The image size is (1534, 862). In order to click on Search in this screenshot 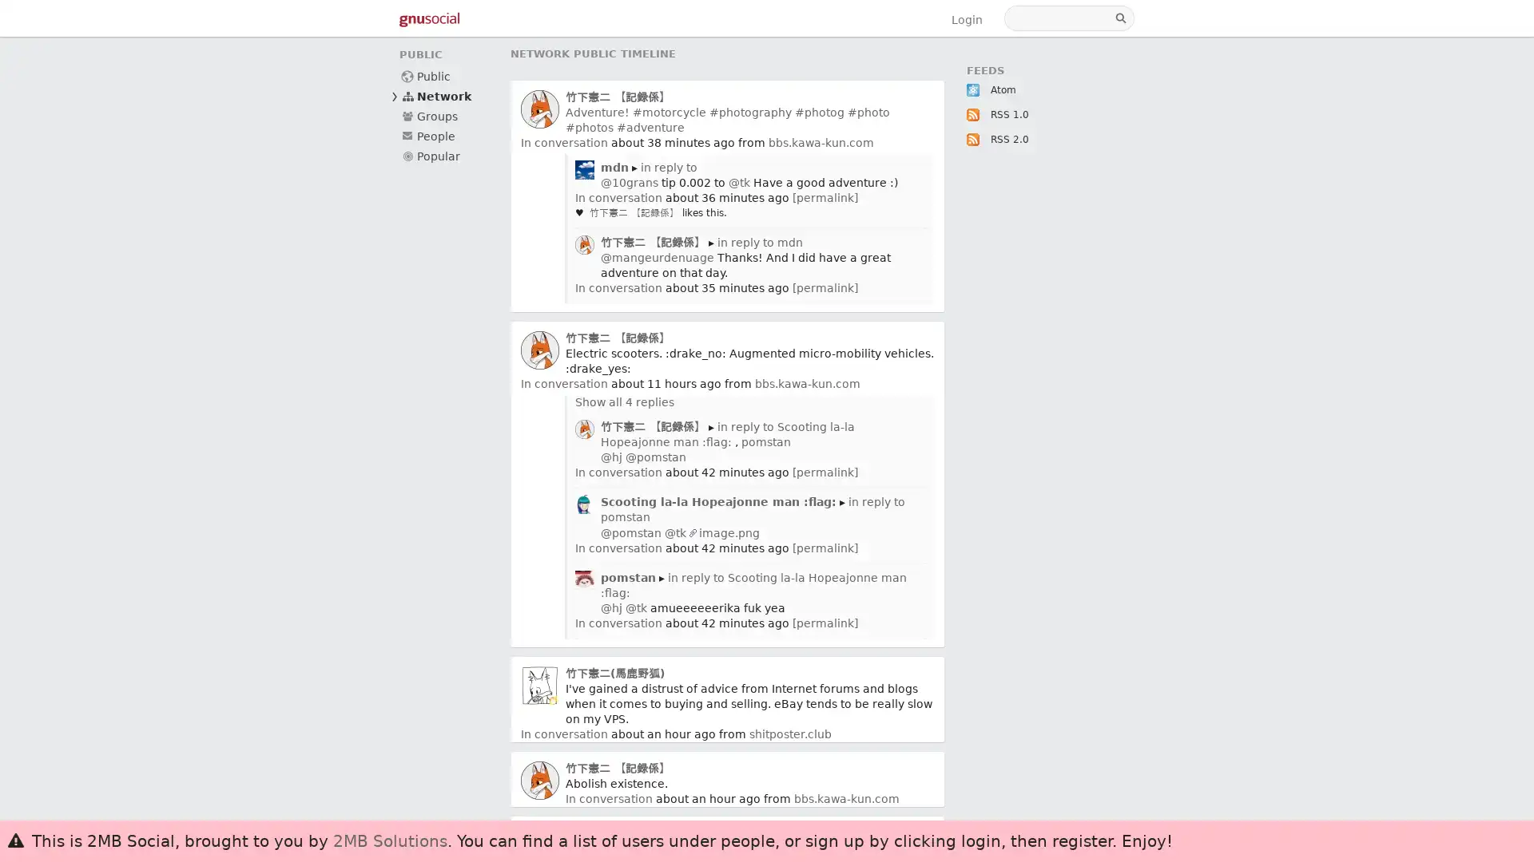, I will do `click(1122, 18)`.